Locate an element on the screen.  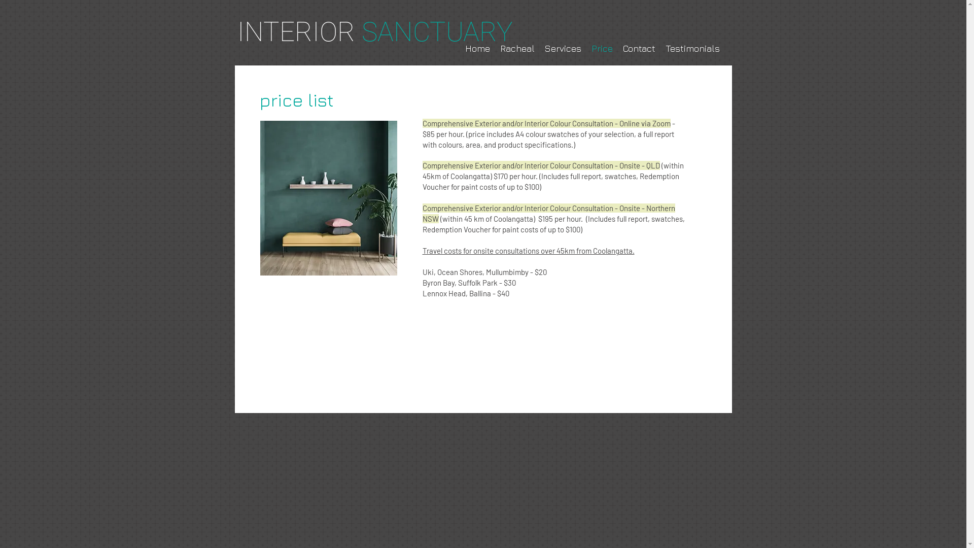
'Price' is located at coordinates (602, 49).